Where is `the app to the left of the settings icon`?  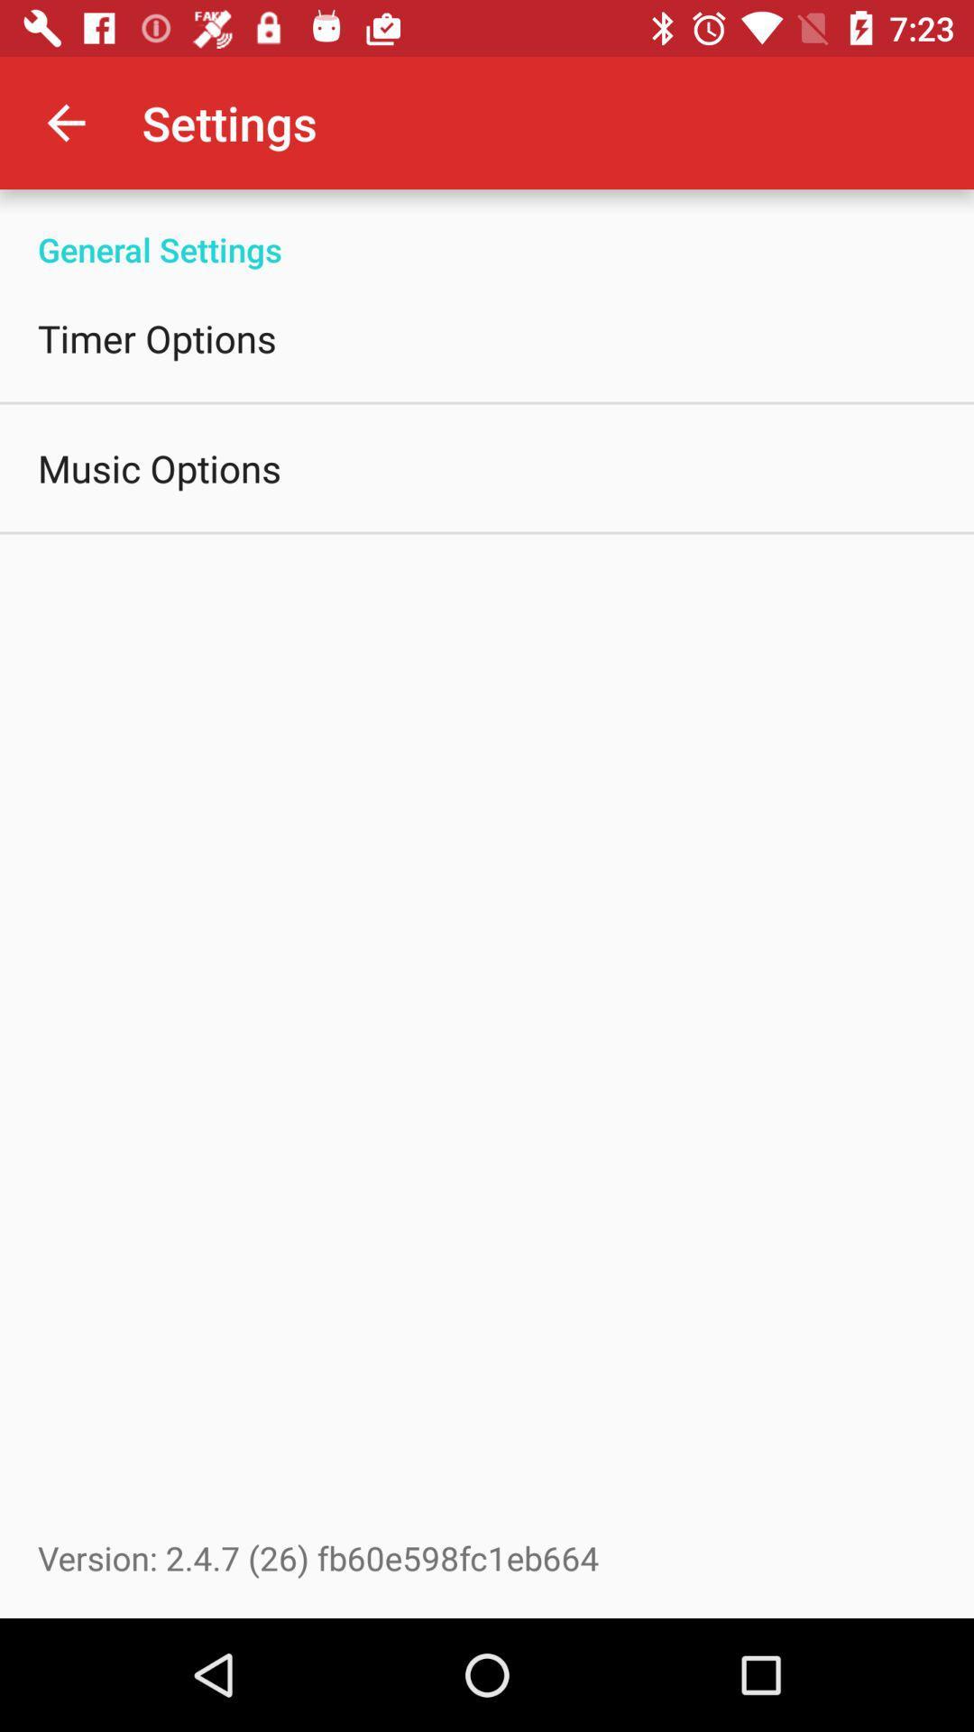 the app to the left of the settings icon is located at coordinates (65, 122).